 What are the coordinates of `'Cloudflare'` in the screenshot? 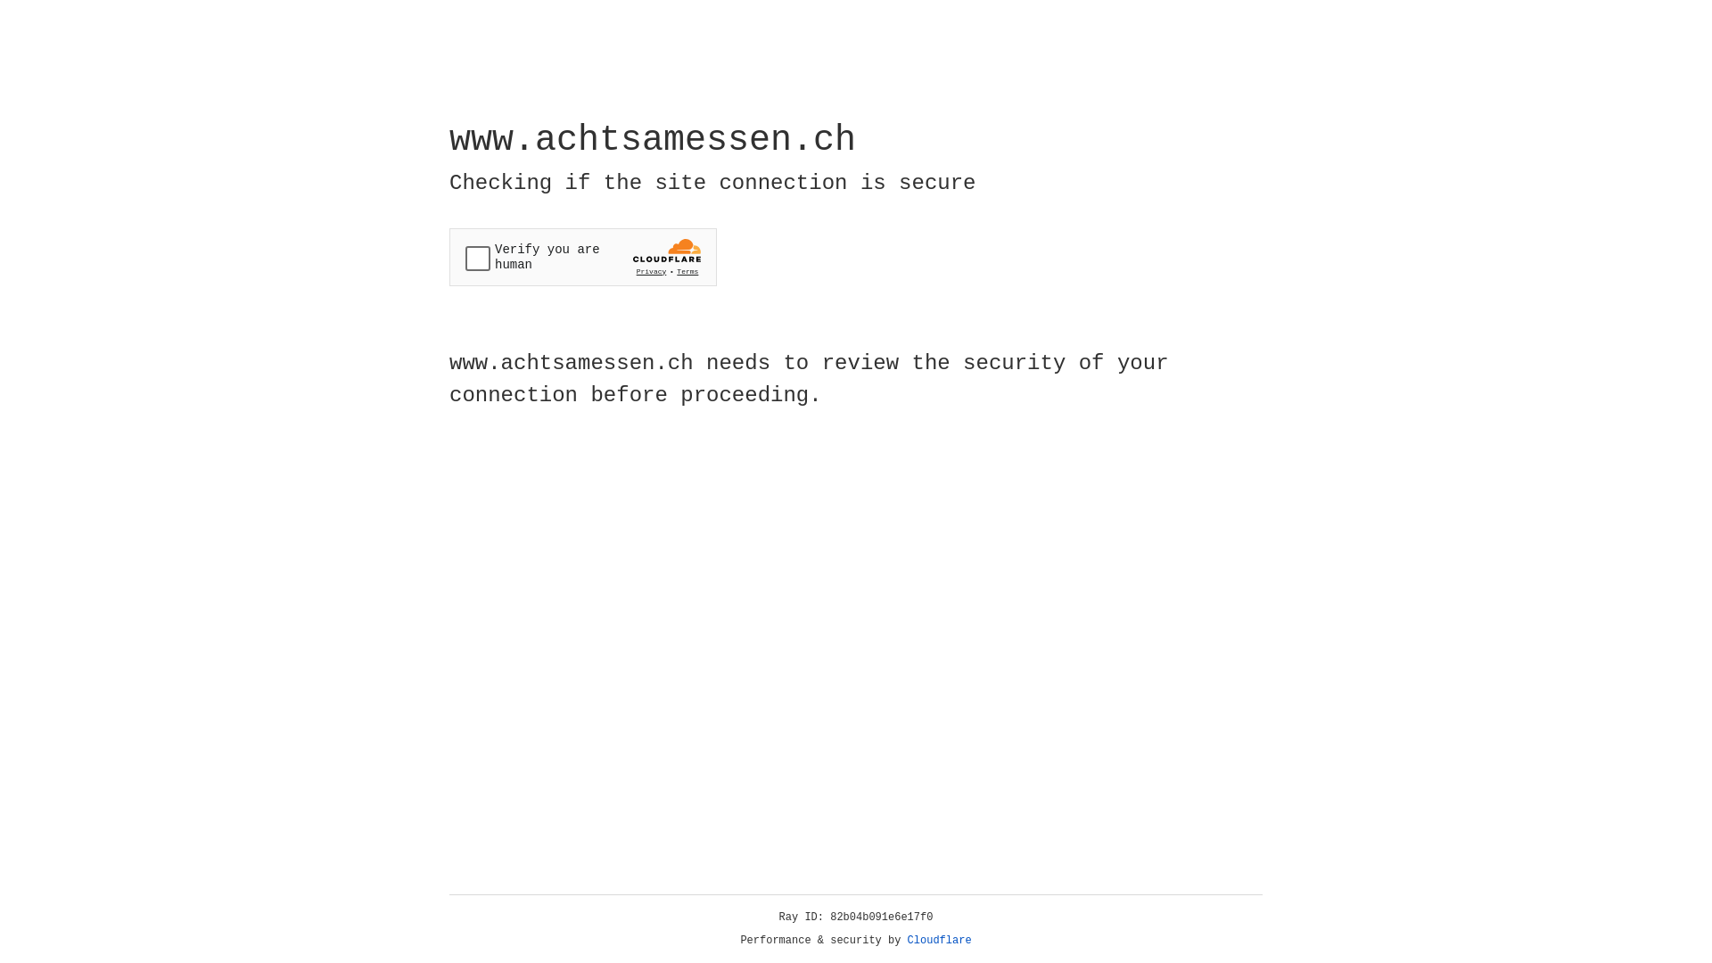 It's located at (939, 940).